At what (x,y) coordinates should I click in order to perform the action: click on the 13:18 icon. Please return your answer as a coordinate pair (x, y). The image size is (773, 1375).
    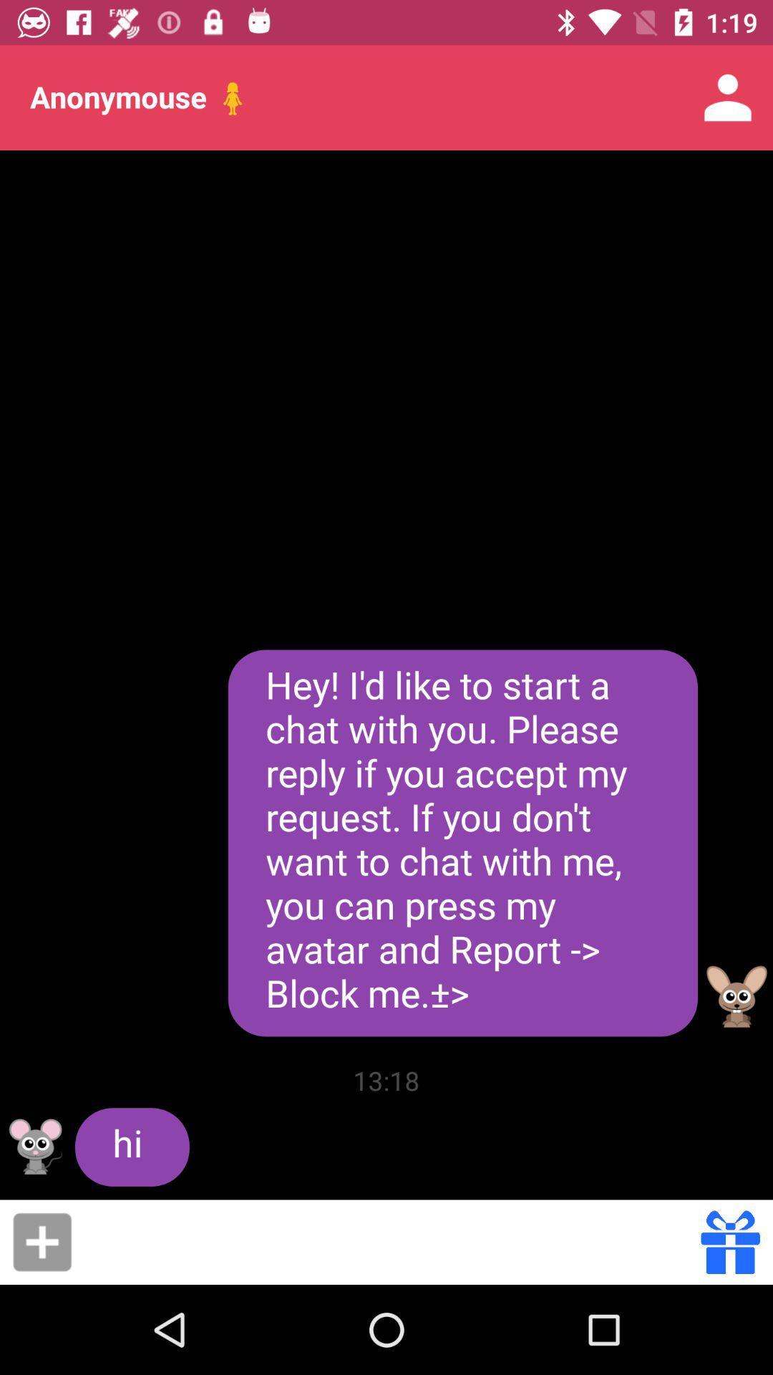
    Looking at the image, I should click on (386, 1080).